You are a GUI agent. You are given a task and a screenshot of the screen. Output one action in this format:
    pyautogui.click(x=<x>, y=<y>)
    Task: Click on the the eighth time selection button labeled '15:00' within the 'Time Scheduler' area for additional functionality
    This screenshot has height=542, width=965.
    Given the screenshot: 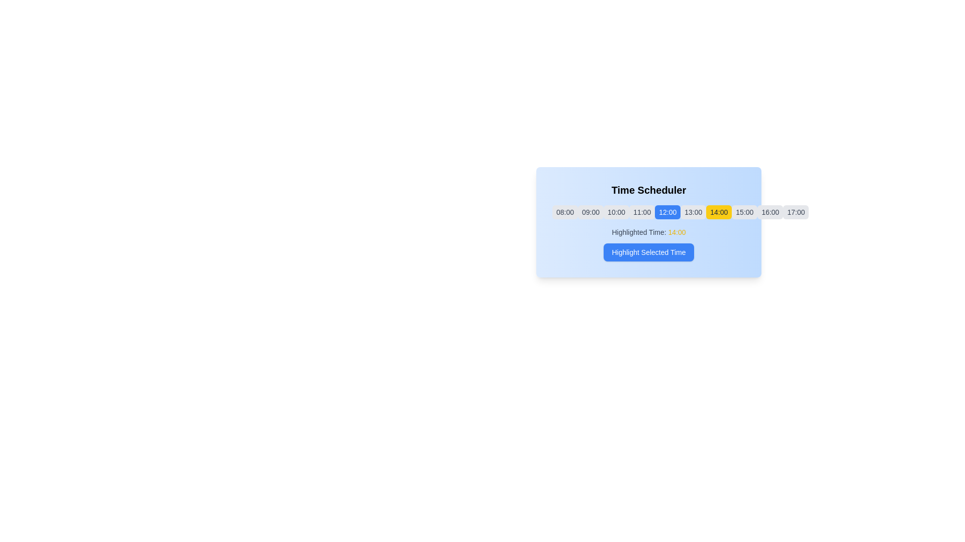 What is the action you would take?
    pyautogui.click(x=744, y=212)
    